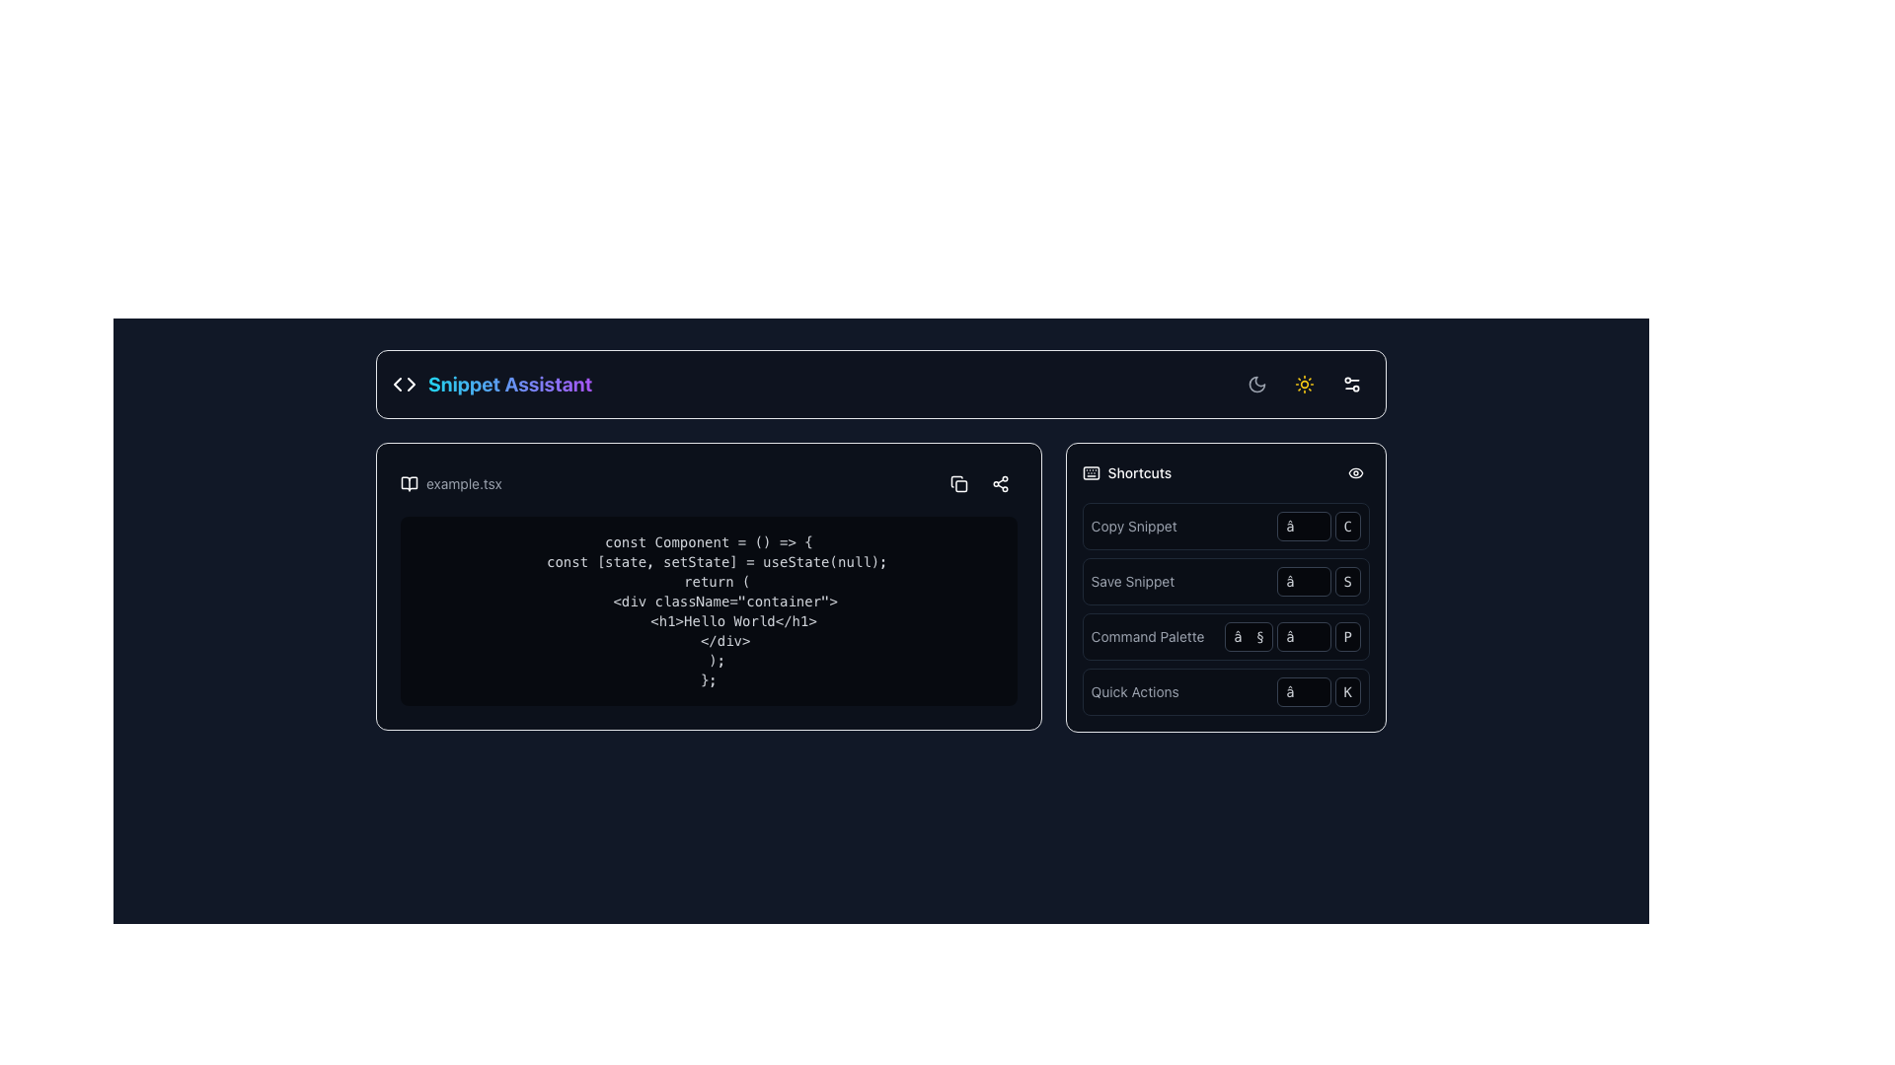 The height and width of the screenshot is (1065, 1895). What do you see at coordinates (958, 483) in the screenshot?
I see `the 'Copy' action button located in the 'Shortcuts' section` at bounding box center [958, 483].